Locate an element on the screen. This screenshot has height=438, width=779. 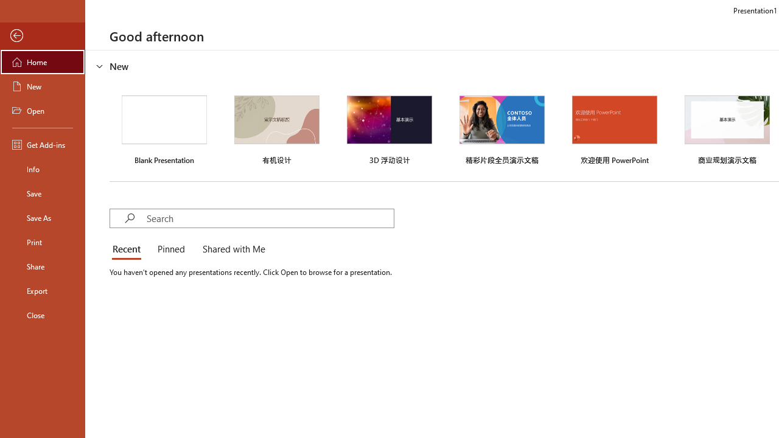
'New' is located at coordinates (42, 85).